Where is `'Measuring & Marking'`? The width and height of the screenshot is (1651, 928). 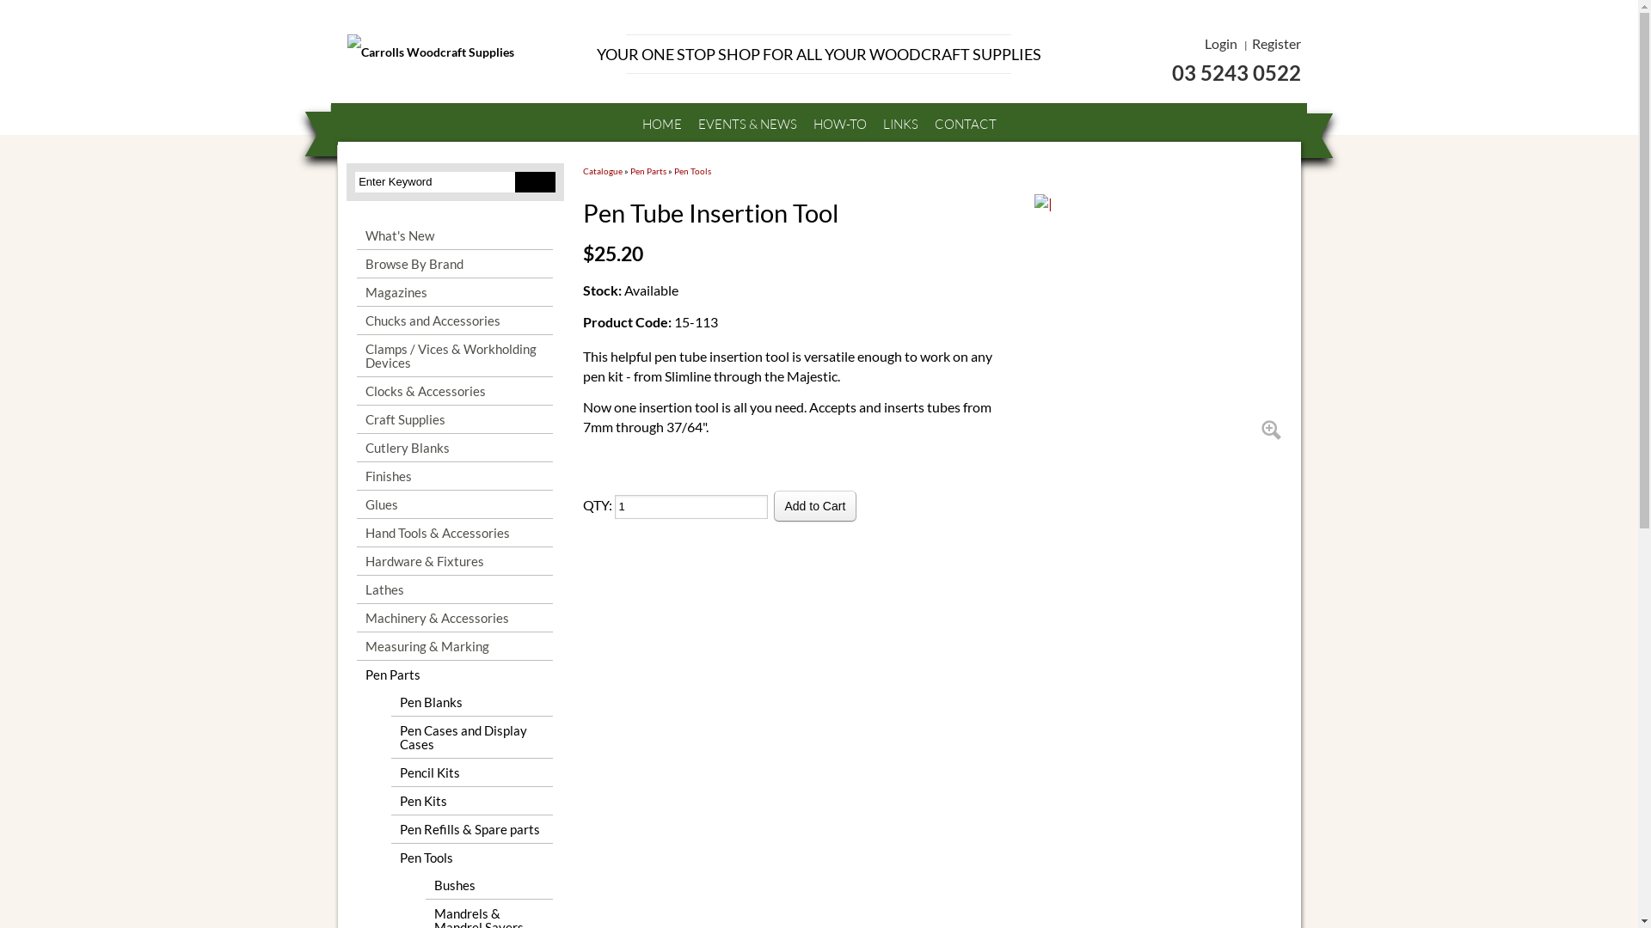 'Measuring & Marking' is located at coordinates (355, 646).